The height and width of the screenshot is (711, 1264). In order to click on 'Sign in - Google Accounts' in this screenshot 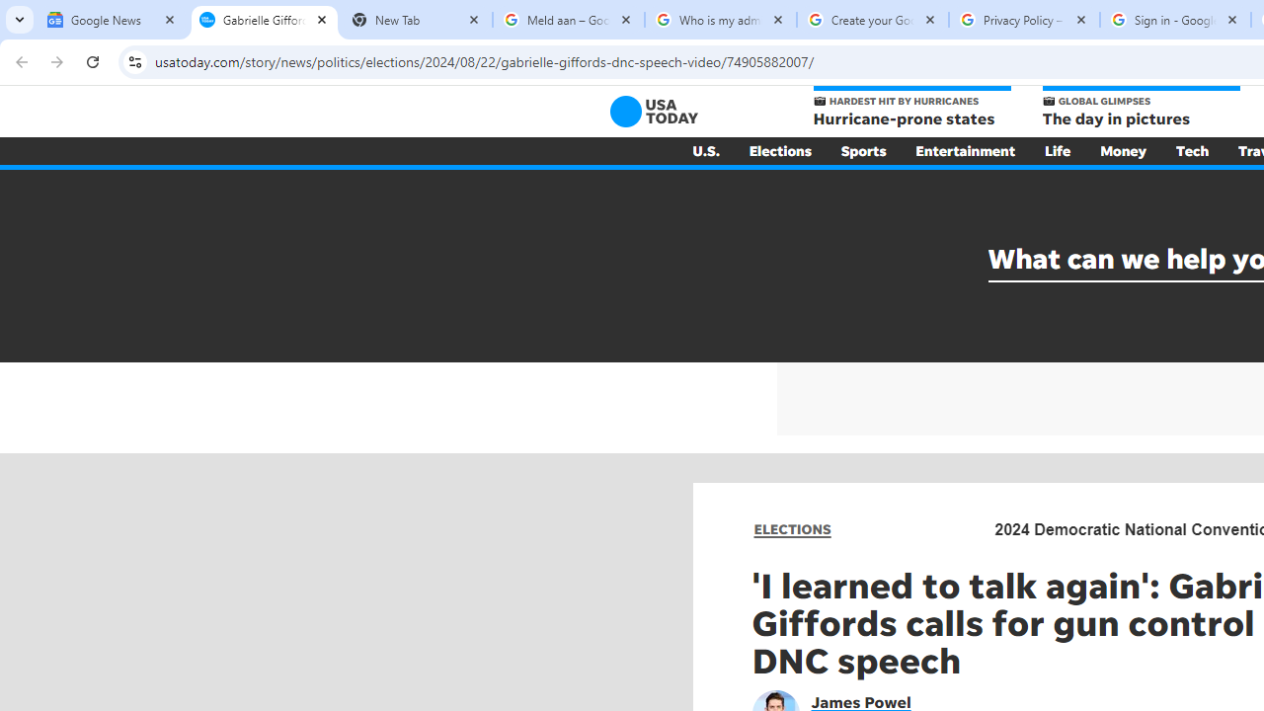, I will do `click(1175, 20)`.